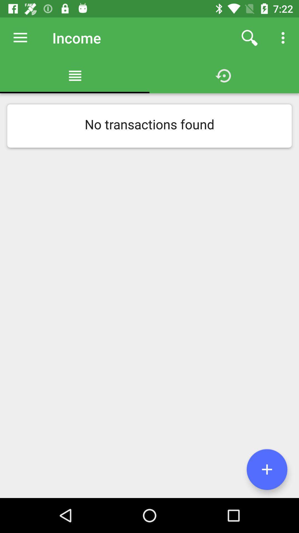 The image size is (299, 533). I want to click on the item above no transactions found item, so click(20, 37).